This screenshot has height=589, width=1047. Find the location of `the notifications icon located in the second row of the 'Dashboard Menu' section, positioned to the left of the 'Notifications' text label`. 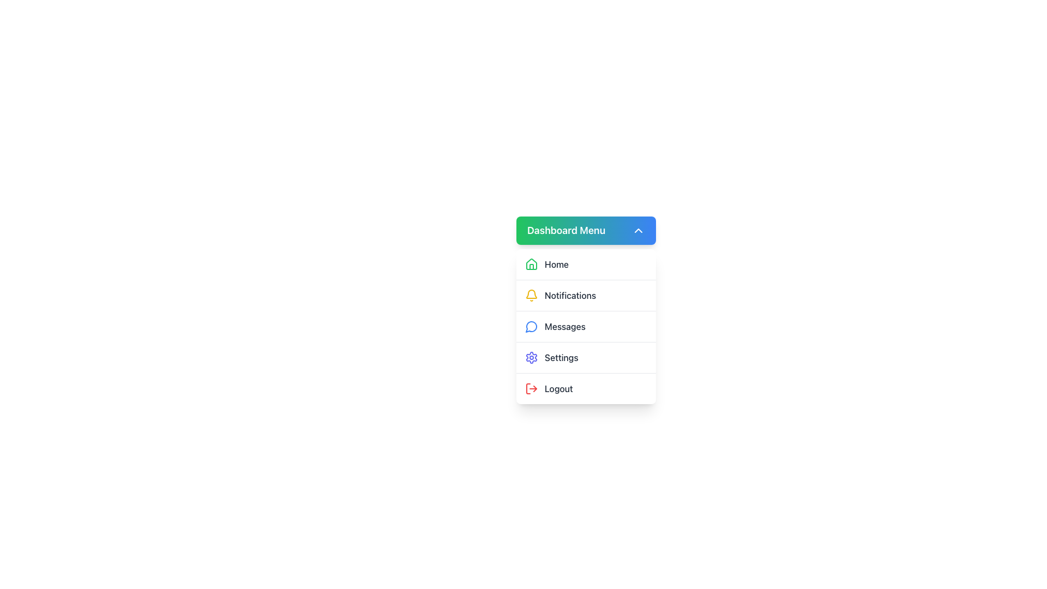

the notifications icon located in the second row of the 'Dashboard Menu' section, positioned to the left of the 'Notifications' text label is located at coordinates (531, 296).